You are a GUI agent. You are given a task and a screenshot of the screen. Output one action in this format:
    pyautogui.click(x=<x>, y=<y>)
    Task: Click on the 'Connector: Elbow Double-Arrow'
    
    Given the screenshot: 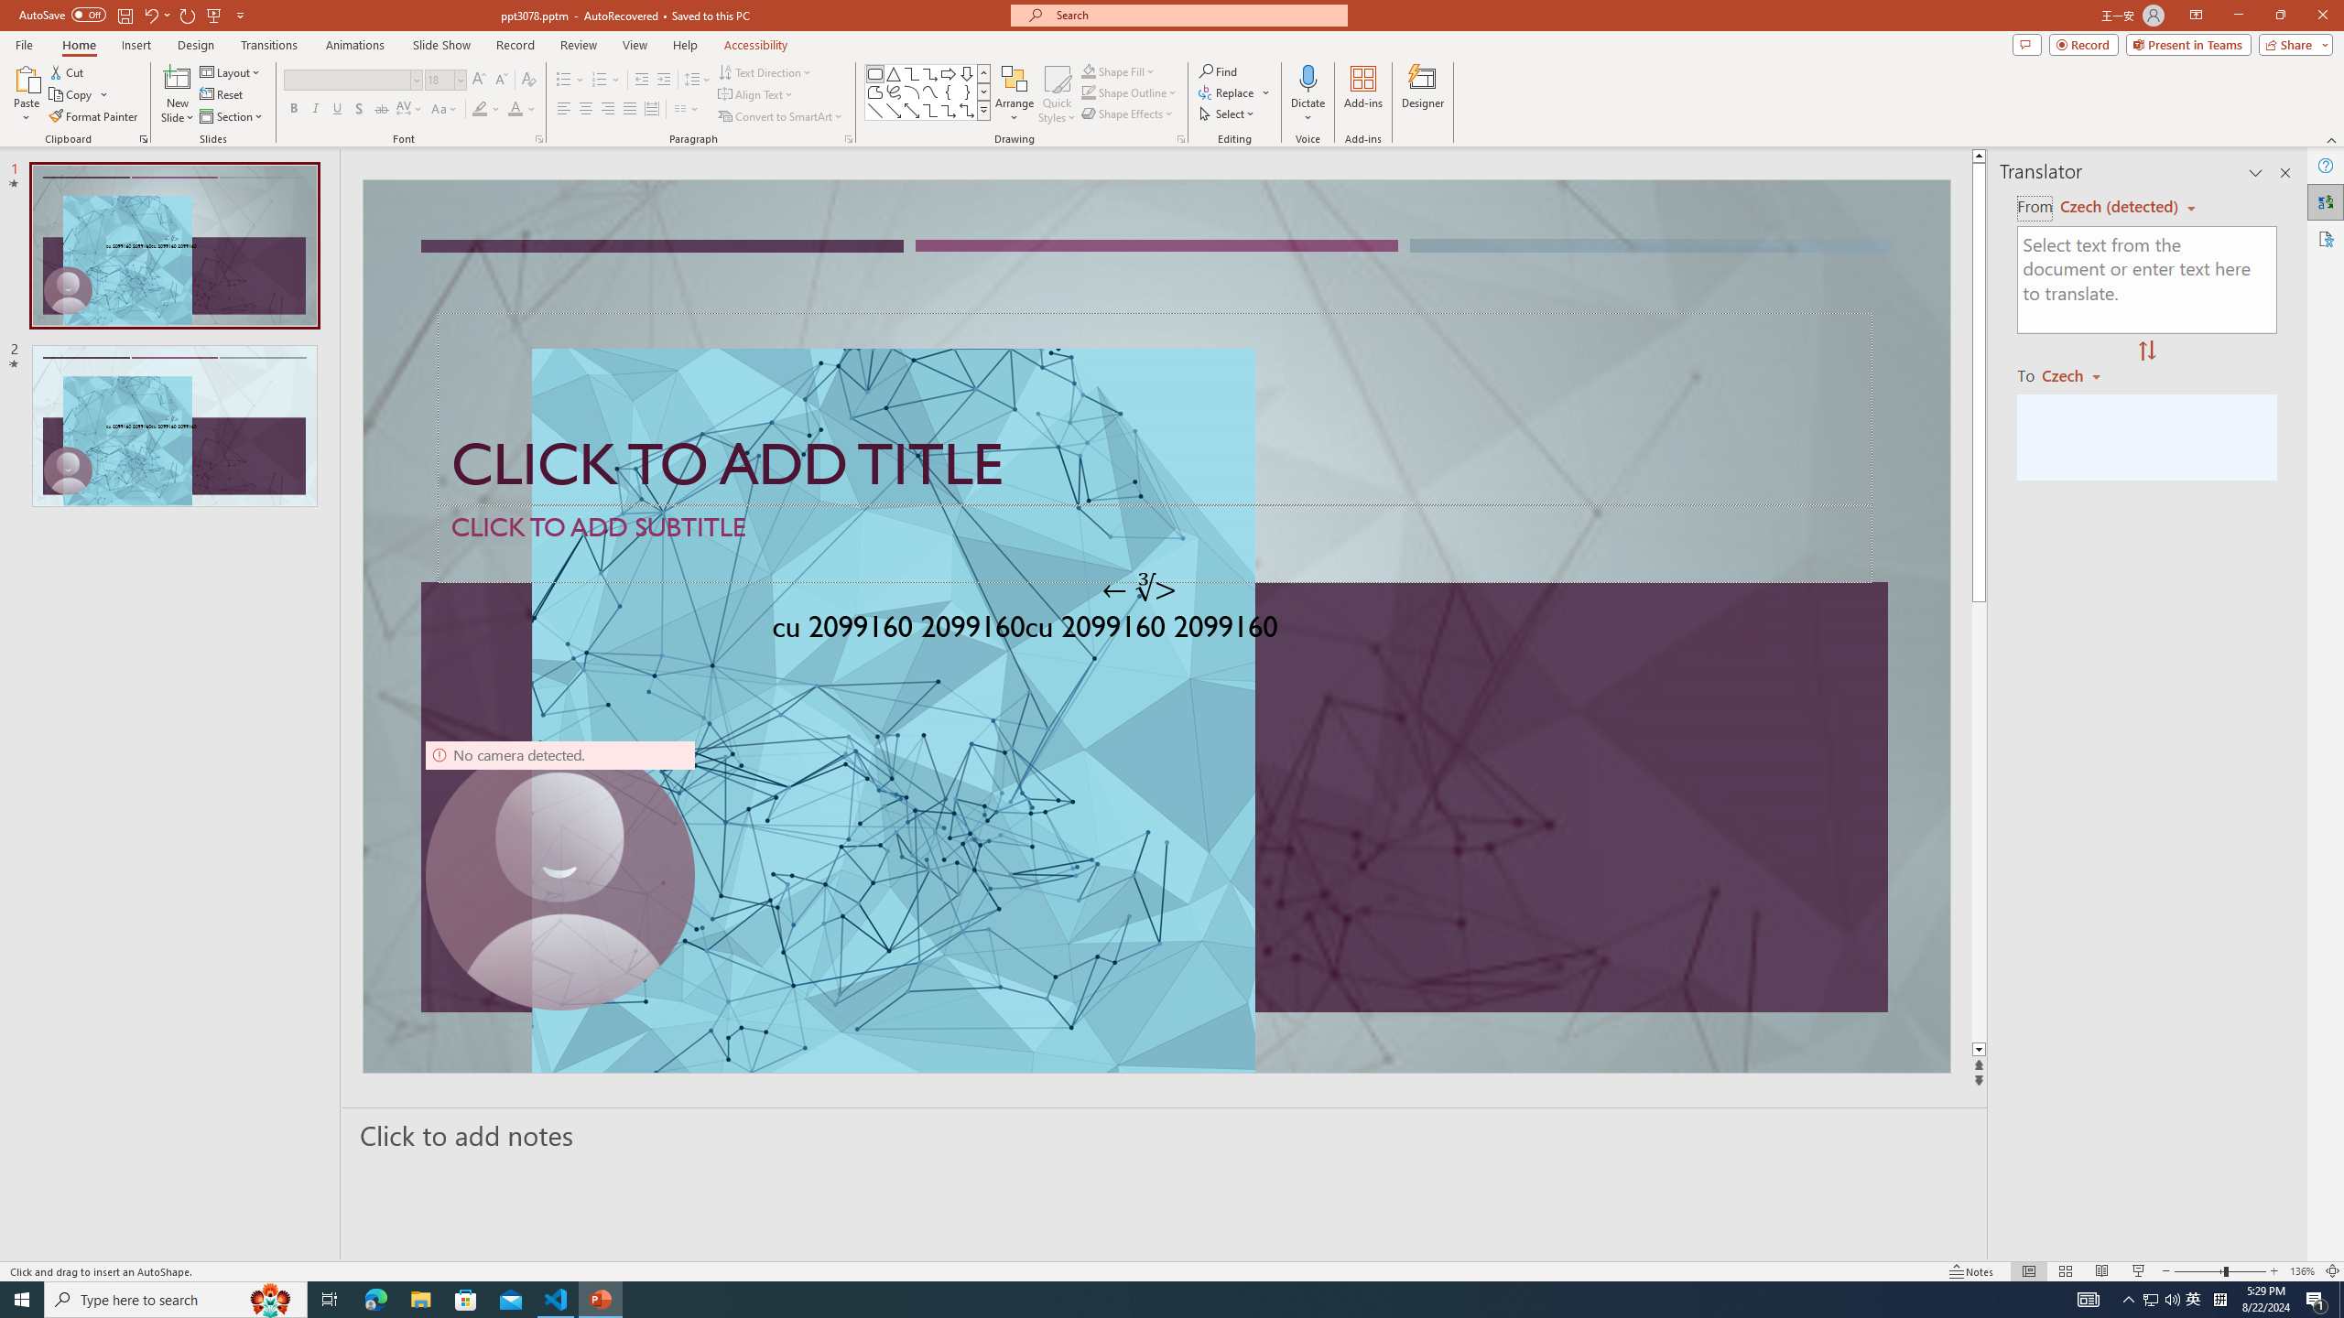 What is the action you would take?
    pyautogui.click(x=966, y=109)
    